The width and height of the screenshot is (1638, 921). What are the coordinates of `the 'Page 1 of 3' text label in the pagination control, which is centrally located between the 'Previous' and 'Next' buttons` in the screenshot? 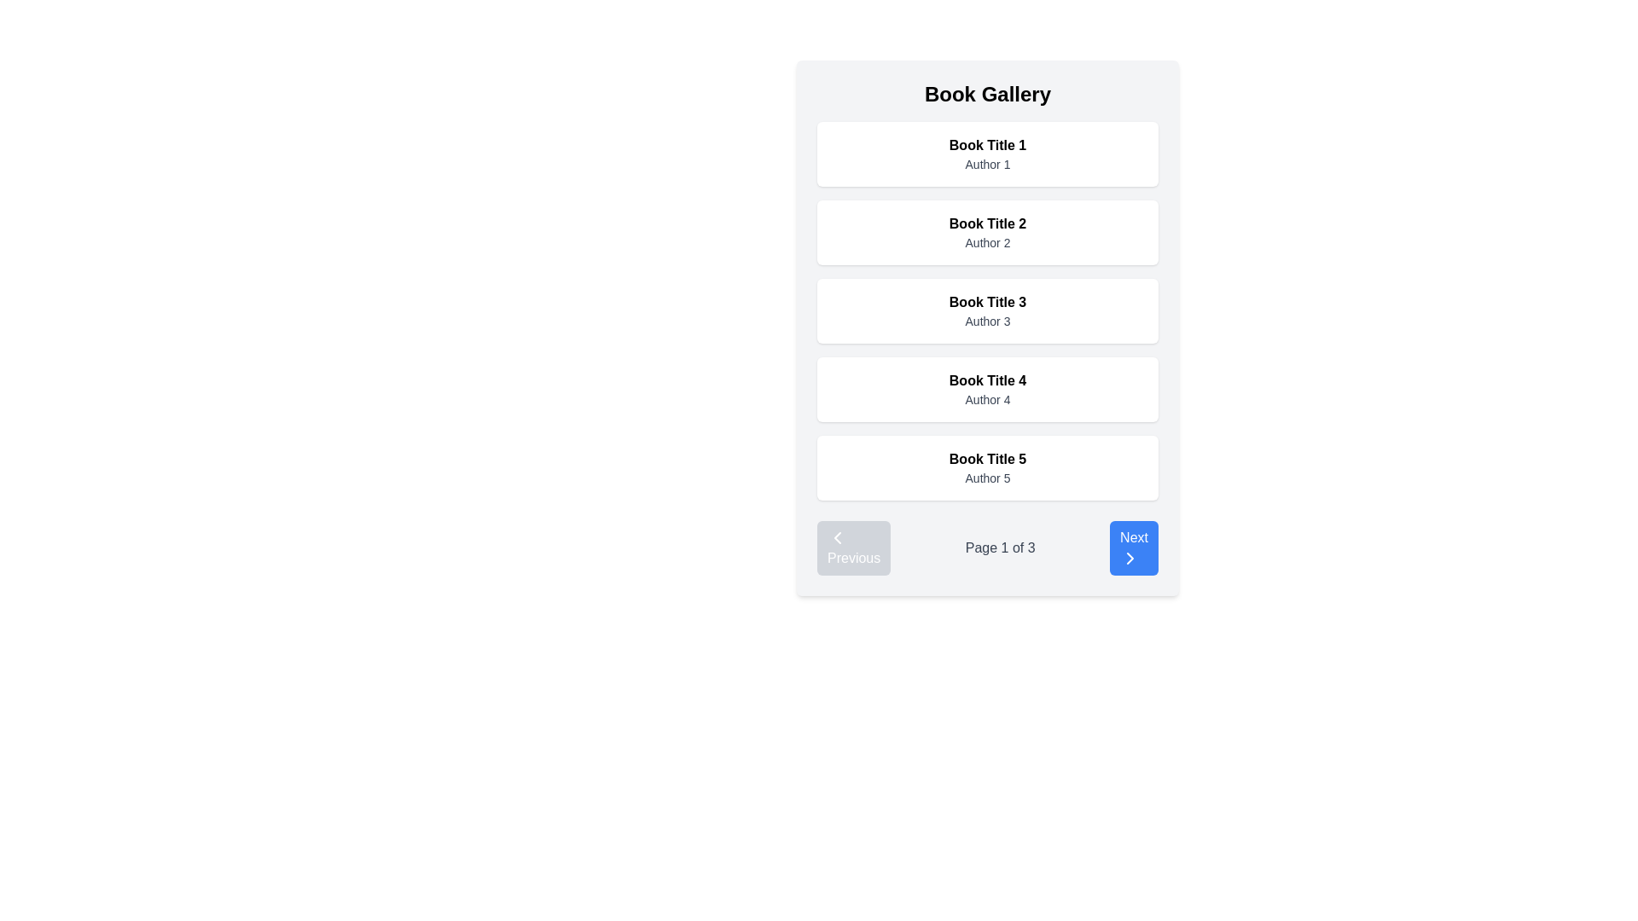 It's located at (1000, 548).